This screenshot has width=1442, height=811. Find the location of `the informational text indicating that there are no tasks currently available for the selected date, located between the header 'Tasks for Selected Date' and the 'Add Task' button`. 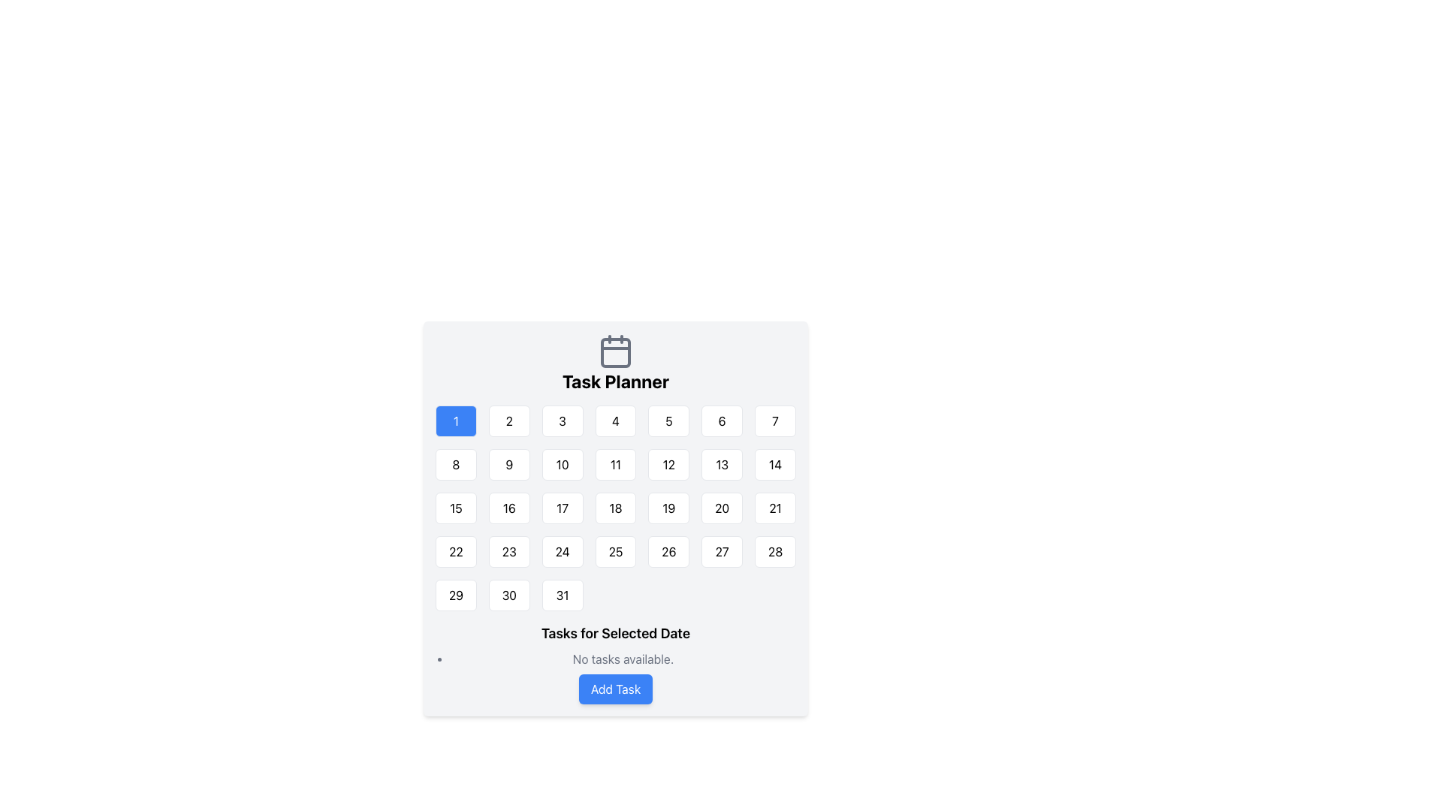

the informational text indicating that there are no tasks currently available for the selected date, located between the header 'Tasks for Selected Date' and the 'Add Task' button is located at coordinates (616, 659).